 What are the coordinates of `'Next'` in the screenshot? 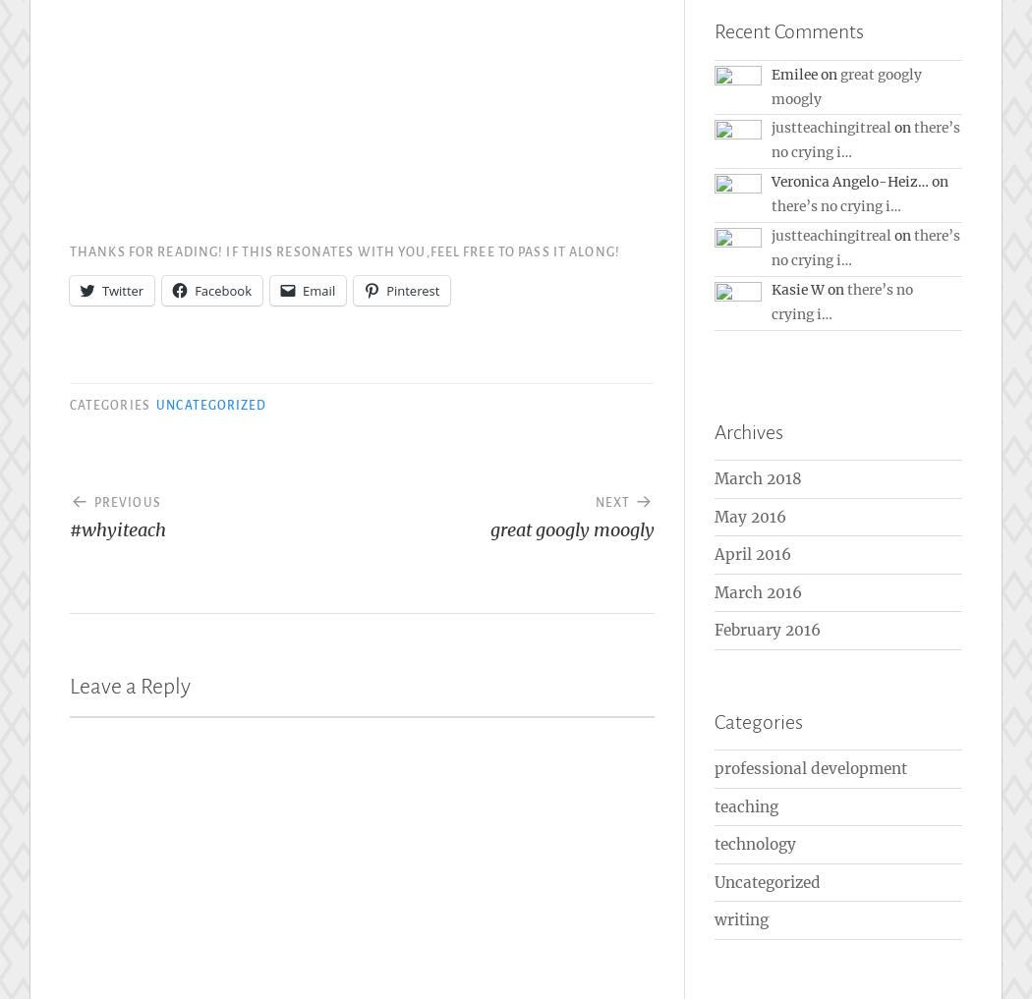 It's located at (611, 502).